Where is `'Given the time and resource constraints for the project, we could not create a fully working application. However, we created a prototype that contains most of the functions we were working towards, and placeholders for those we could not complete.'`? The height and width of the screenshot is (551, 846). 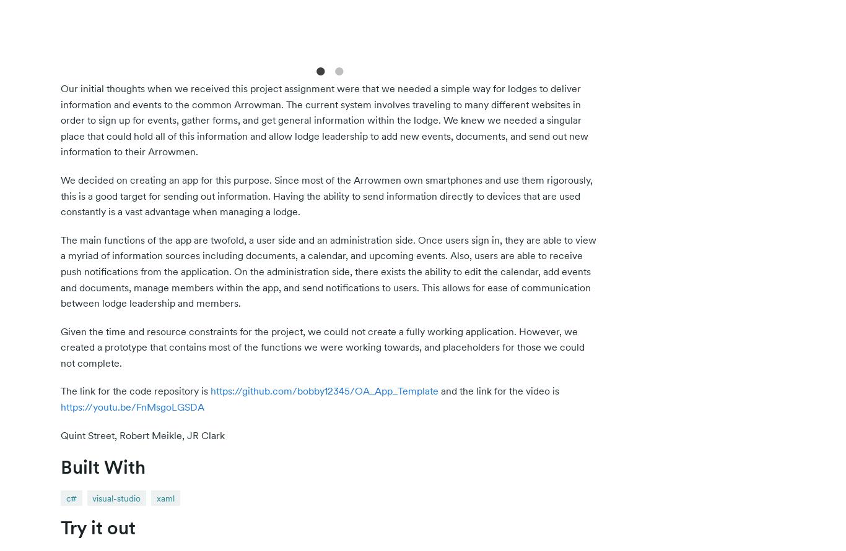 'Given the time and resource constraints for the project, we could not create a fully working application. However, we created a prototype that contains most of the functions we were working towards, and placeholders for those we could not complete.' is located at coordinates (322, 346).